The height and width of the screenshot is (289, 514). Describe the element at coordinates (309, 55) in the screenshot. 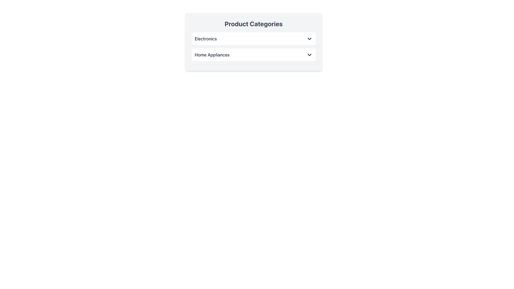

I see `the Dropdown icon located on the far right side of the 'Home Appliances' row` at that location.